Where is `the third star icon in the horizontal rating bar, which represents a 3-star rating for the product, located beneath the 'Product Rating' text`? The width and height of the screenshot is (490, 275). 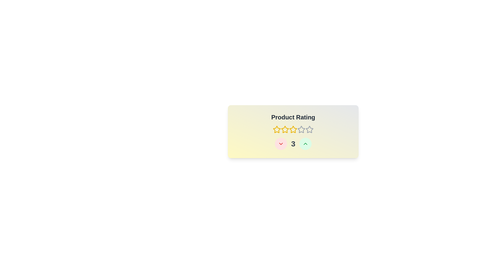 the third star icon in the horizontal rating bar, which represents a 3-star rating for the product, located beneath the 'Product Rating' text is located at coordinates (285, 129).